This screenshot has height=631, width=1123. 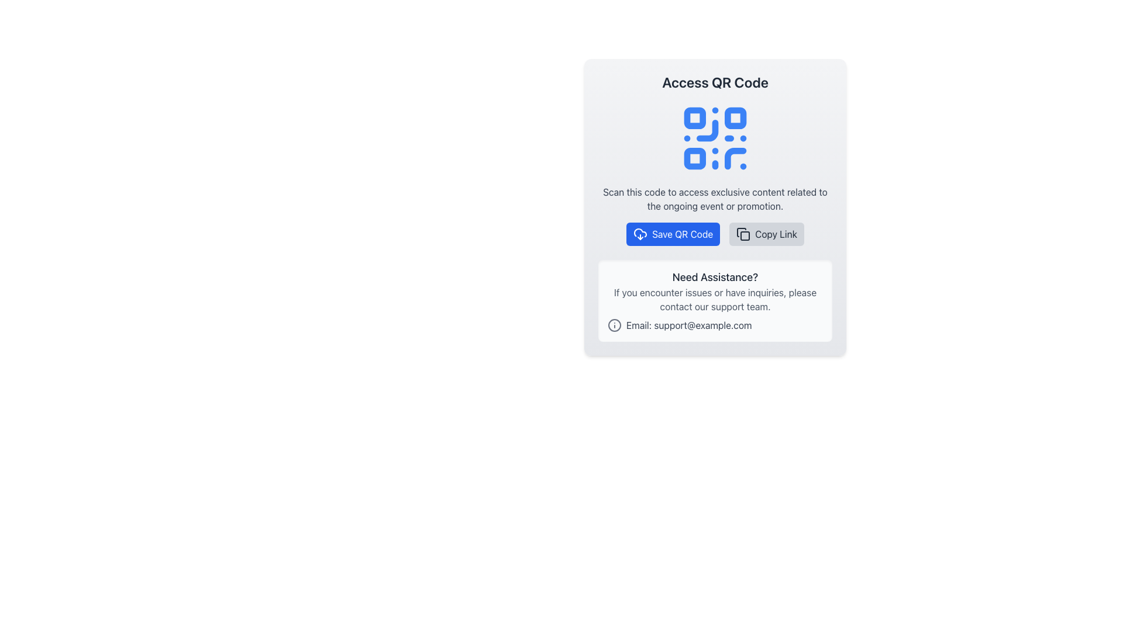 What do you see at coordinates (715, 198) in the screenshot?
I see `the informational text element that explains the QR code functionality, positioned below the QR code icon and above the action buttons, to potentially reveal tooltips` at bounding box center [715, 198].